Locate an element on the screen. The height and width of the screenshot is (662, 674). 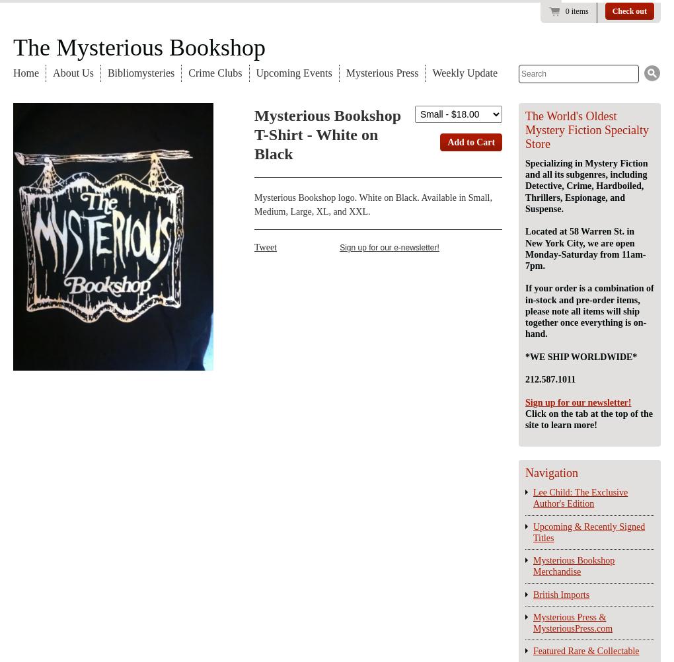
'Sign up for 
our e-newsletter!' is located at coordinates (389, 248).